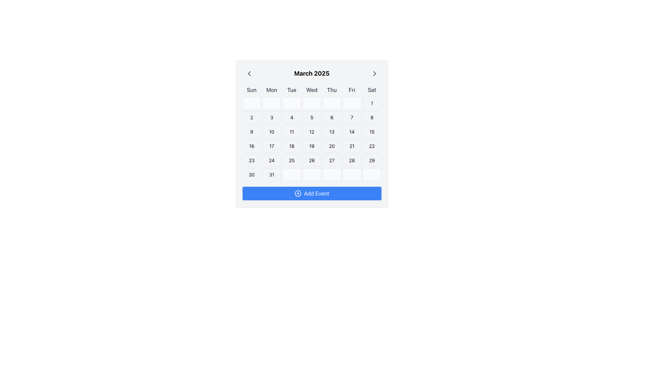 The height and width of the screenshot is (368, 654). What do you see at coordinates (374, 74) in the screenshot?
I see `the navigation icon located to the far right of the calendar header, next to the title text 'March 2025'` at bounding box center [374, 74].